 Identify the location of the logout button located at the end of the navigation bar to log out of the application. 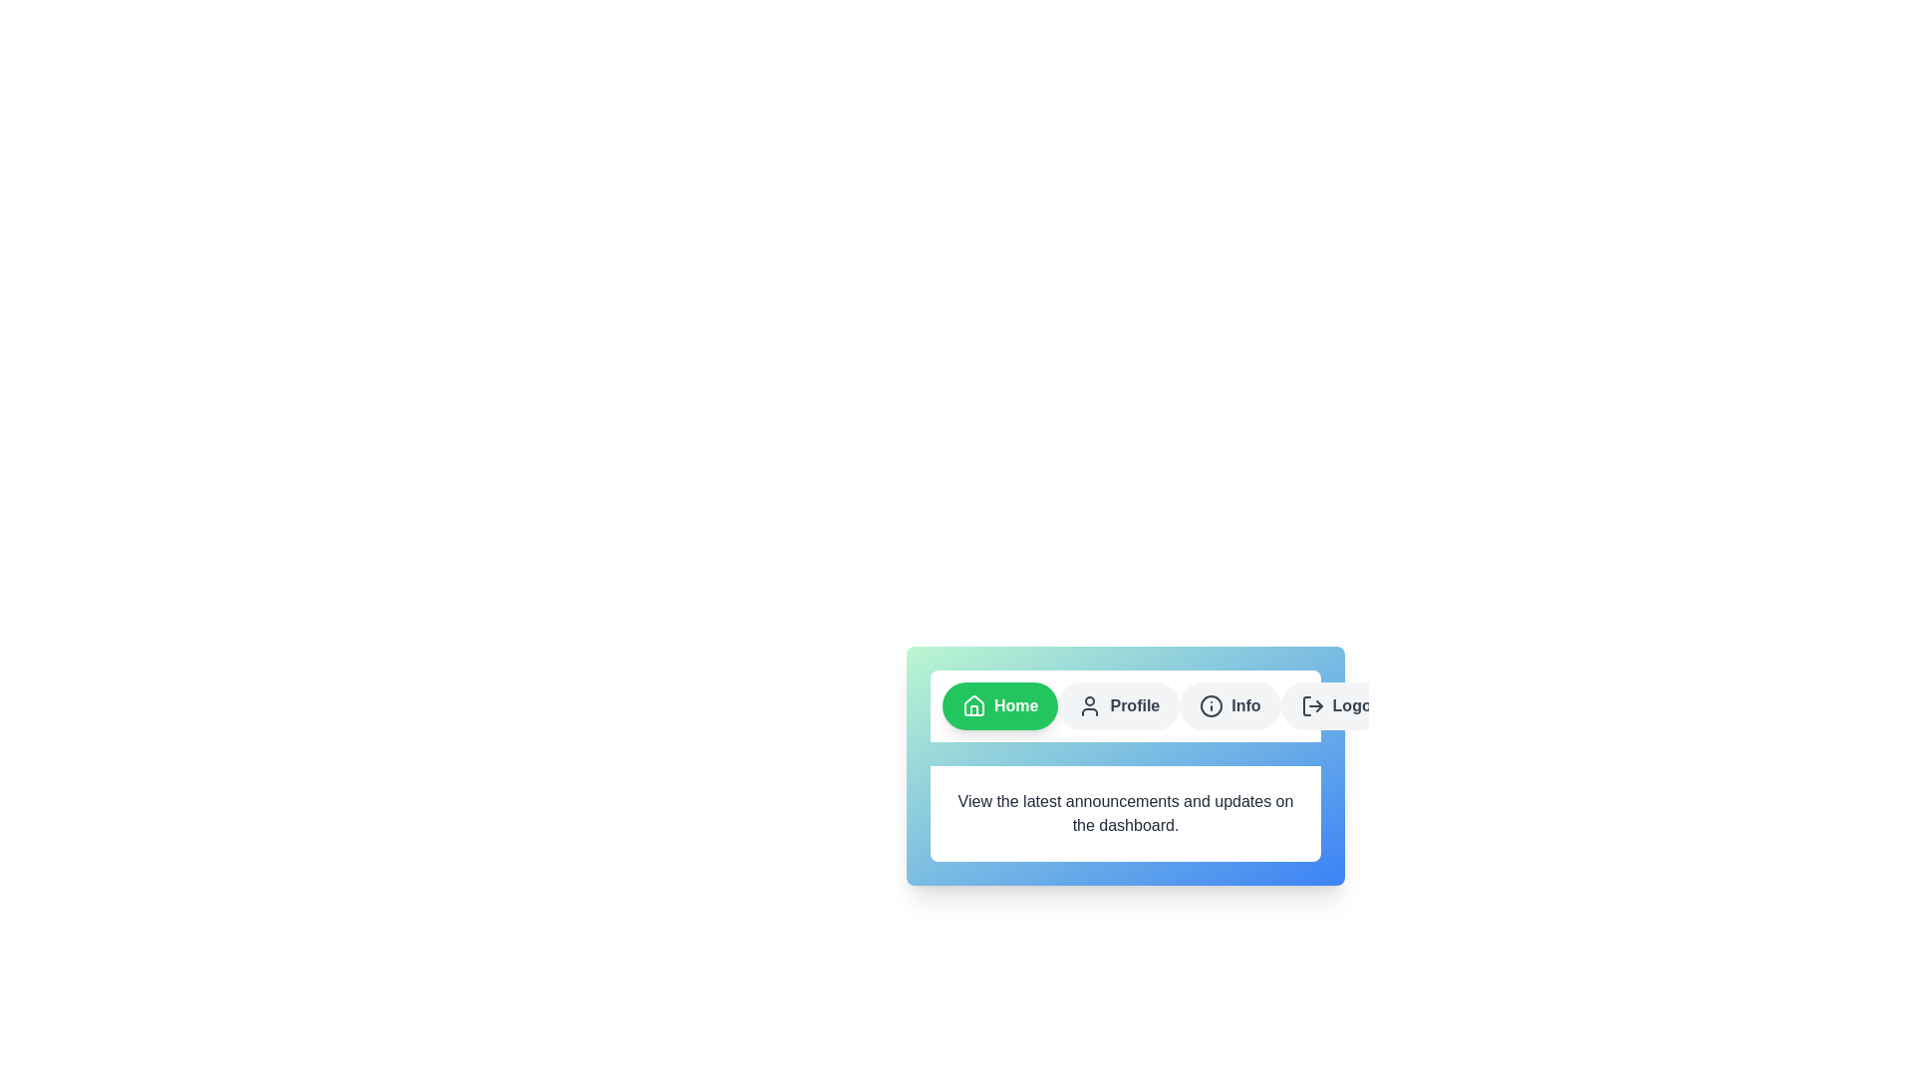
(1343, 705).